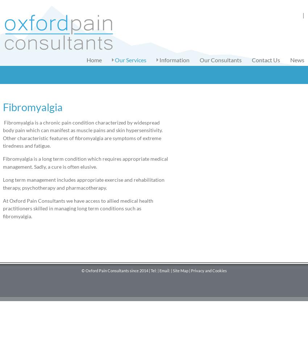 The width and height of the screenshot is (308, 362). Describe the element at coordinates (85, 162) in the screenshot. I see `'Fibromyalgia is a long term condition which requires appropriate medical management. Sadly, a cure is often elusive.'` at that location.